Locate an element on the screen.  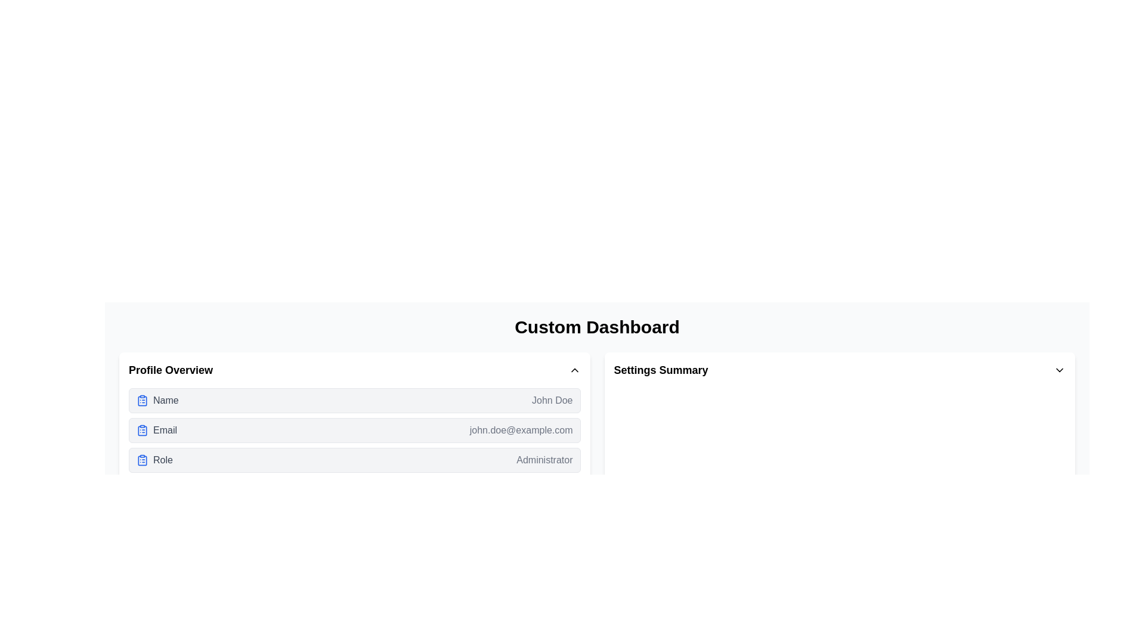
the outlined rectangular clipboard icon with a blue stroke located to the left of the 'Name' label in the 'Profile Overview' section is located at coordinates (143, 400).